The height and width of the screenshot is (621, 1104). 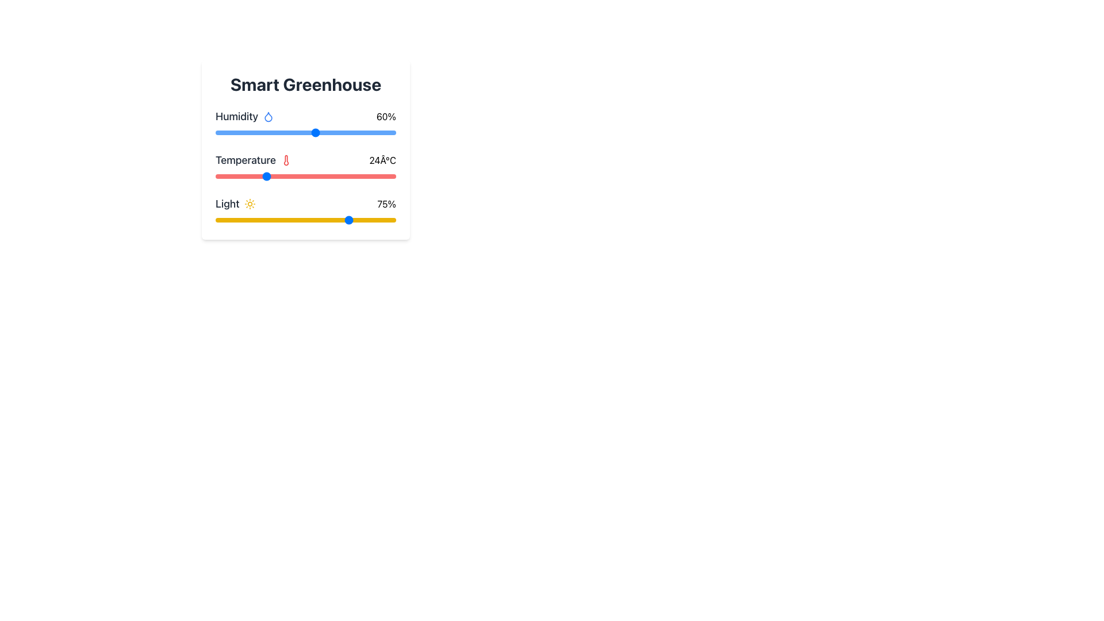 I want to click on the sun icon, which is yellow with a circular center and radial extensions, located to the right of the 'Light' label in the 'Smart Greenhouse' interface, so click(x=249, y=203).